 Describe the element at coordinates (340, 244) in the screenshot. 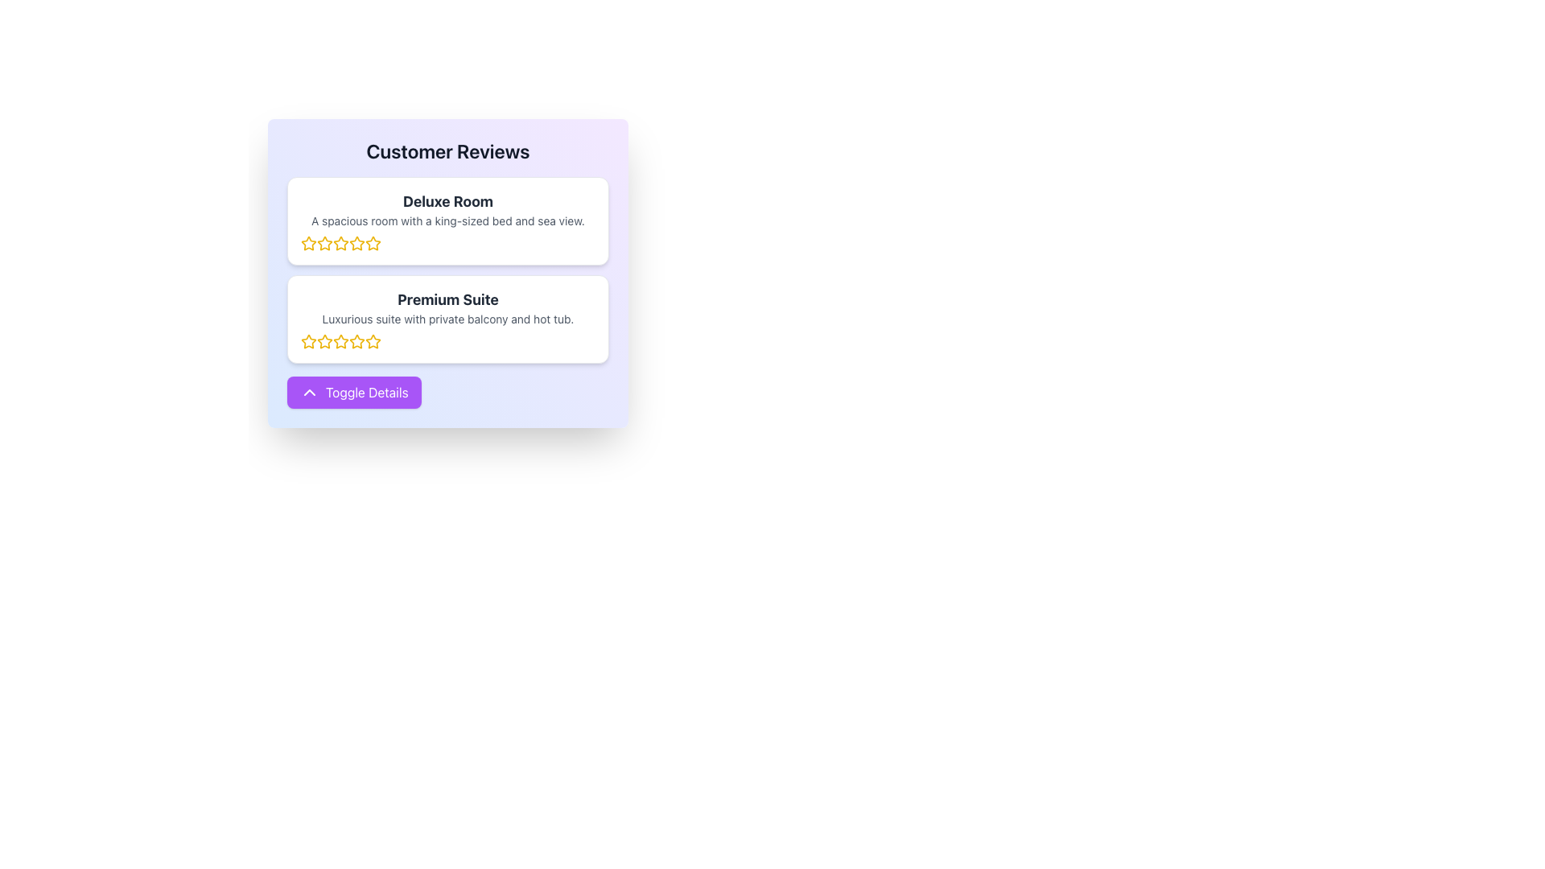

I see `the fourth star rating icon in the rating system for the 'Deluxe Room' section` at that location.